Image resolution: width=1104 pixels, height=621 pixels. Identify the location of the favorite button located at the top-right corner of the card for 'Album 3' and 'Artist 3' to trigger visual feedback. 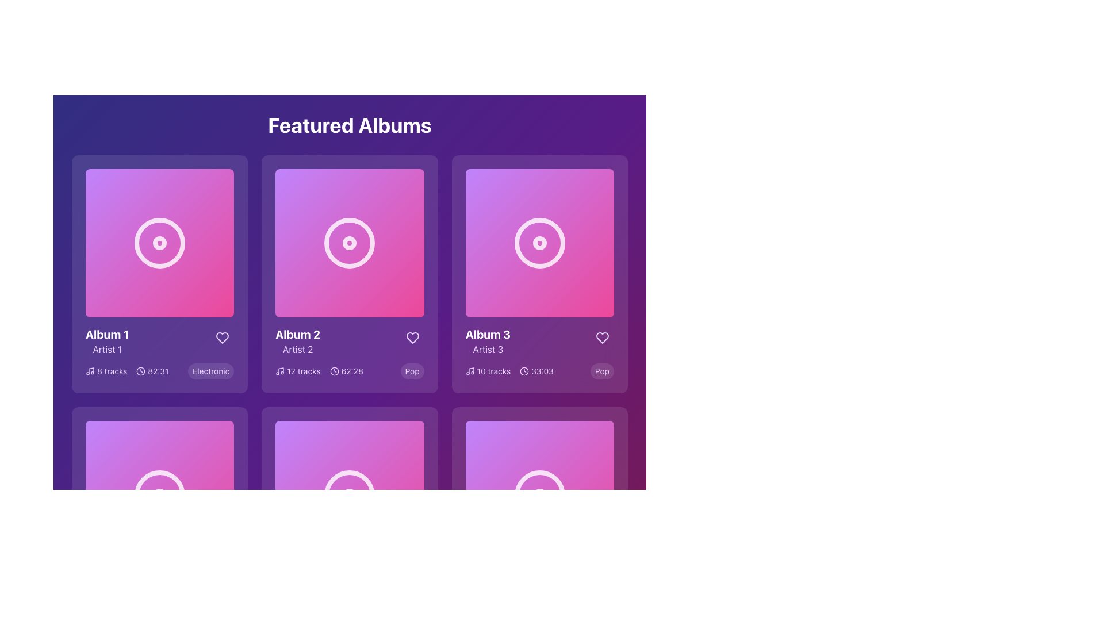
(601, 337).